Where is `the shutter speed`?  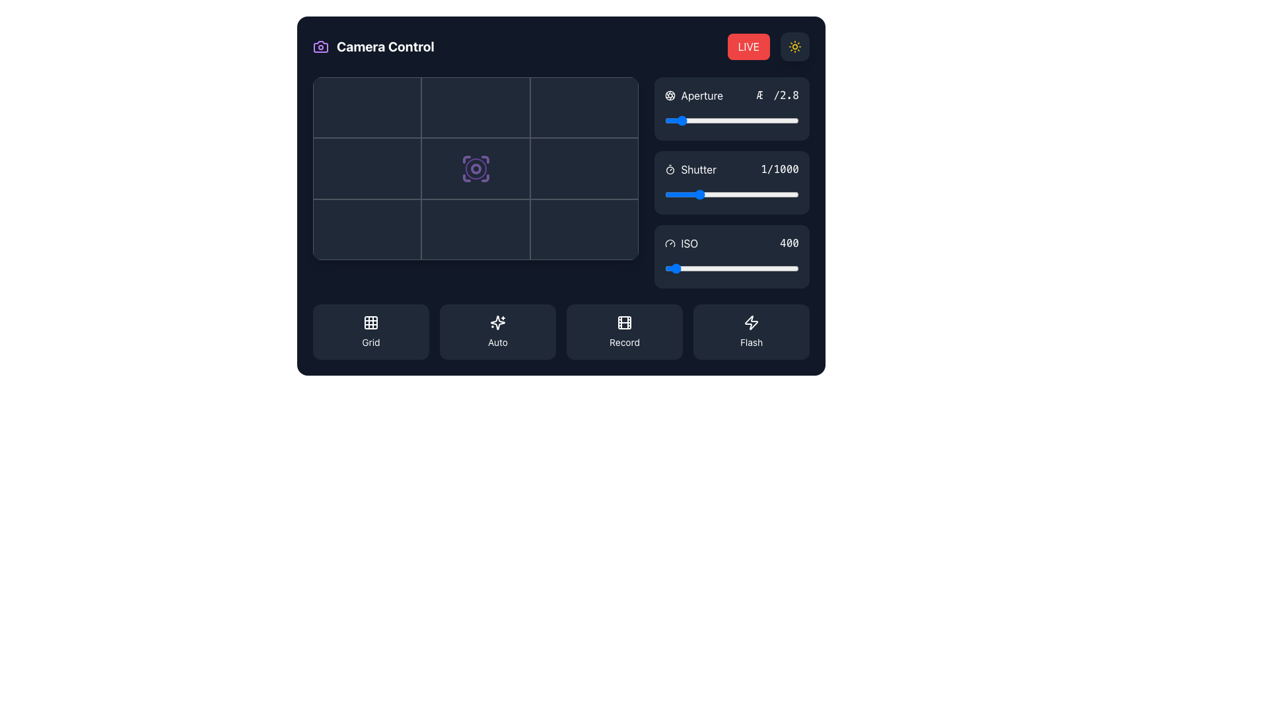
the shutter speed is located at coordinates (674, 194).